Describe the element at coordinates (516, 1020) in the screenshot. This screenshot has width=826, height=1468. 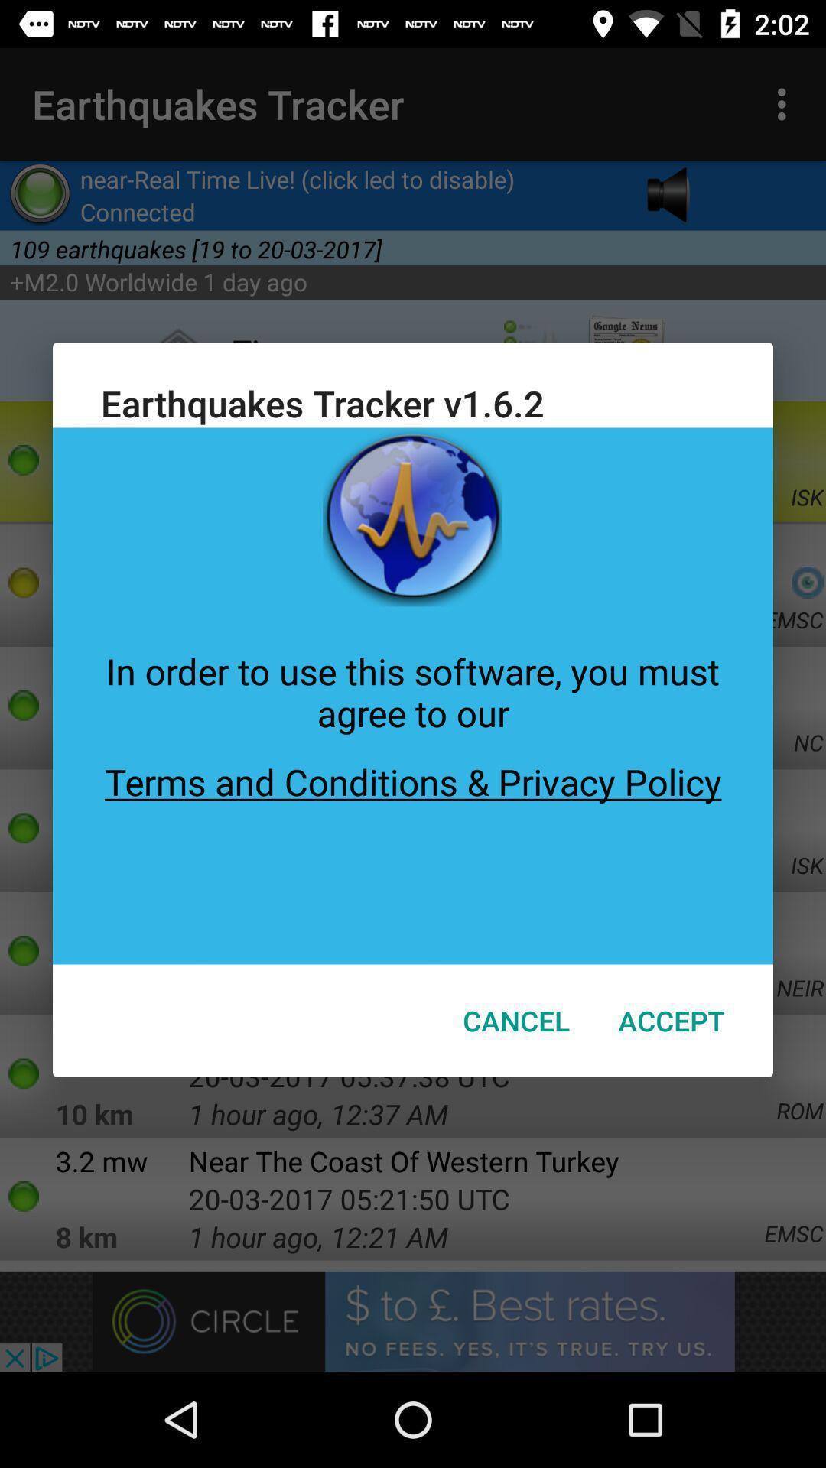
I see `the cancel icon` at that location.